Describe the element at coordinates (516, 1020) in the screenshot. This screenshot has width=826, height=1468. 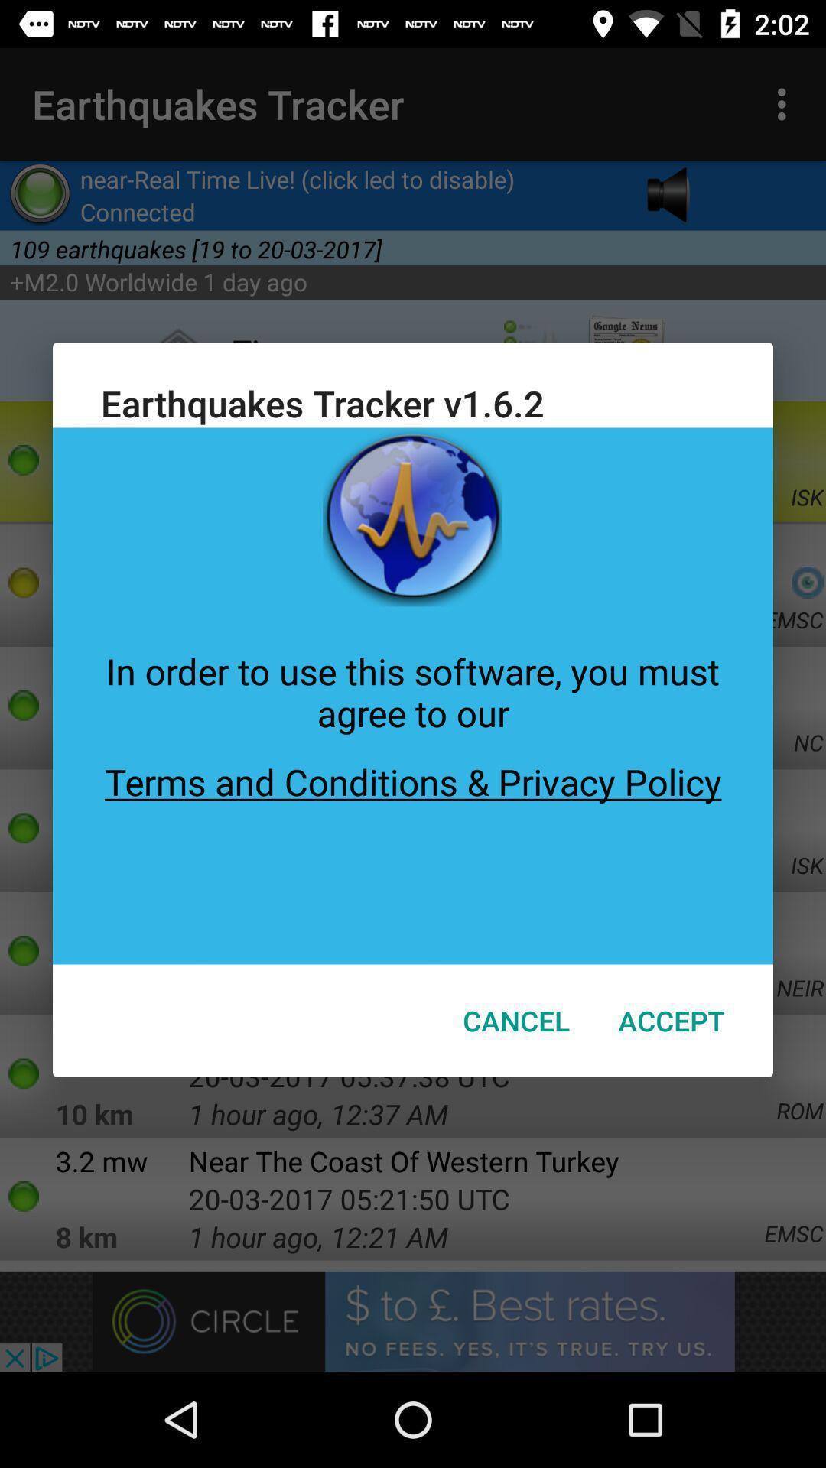
I see `the cancel icon` at that location.